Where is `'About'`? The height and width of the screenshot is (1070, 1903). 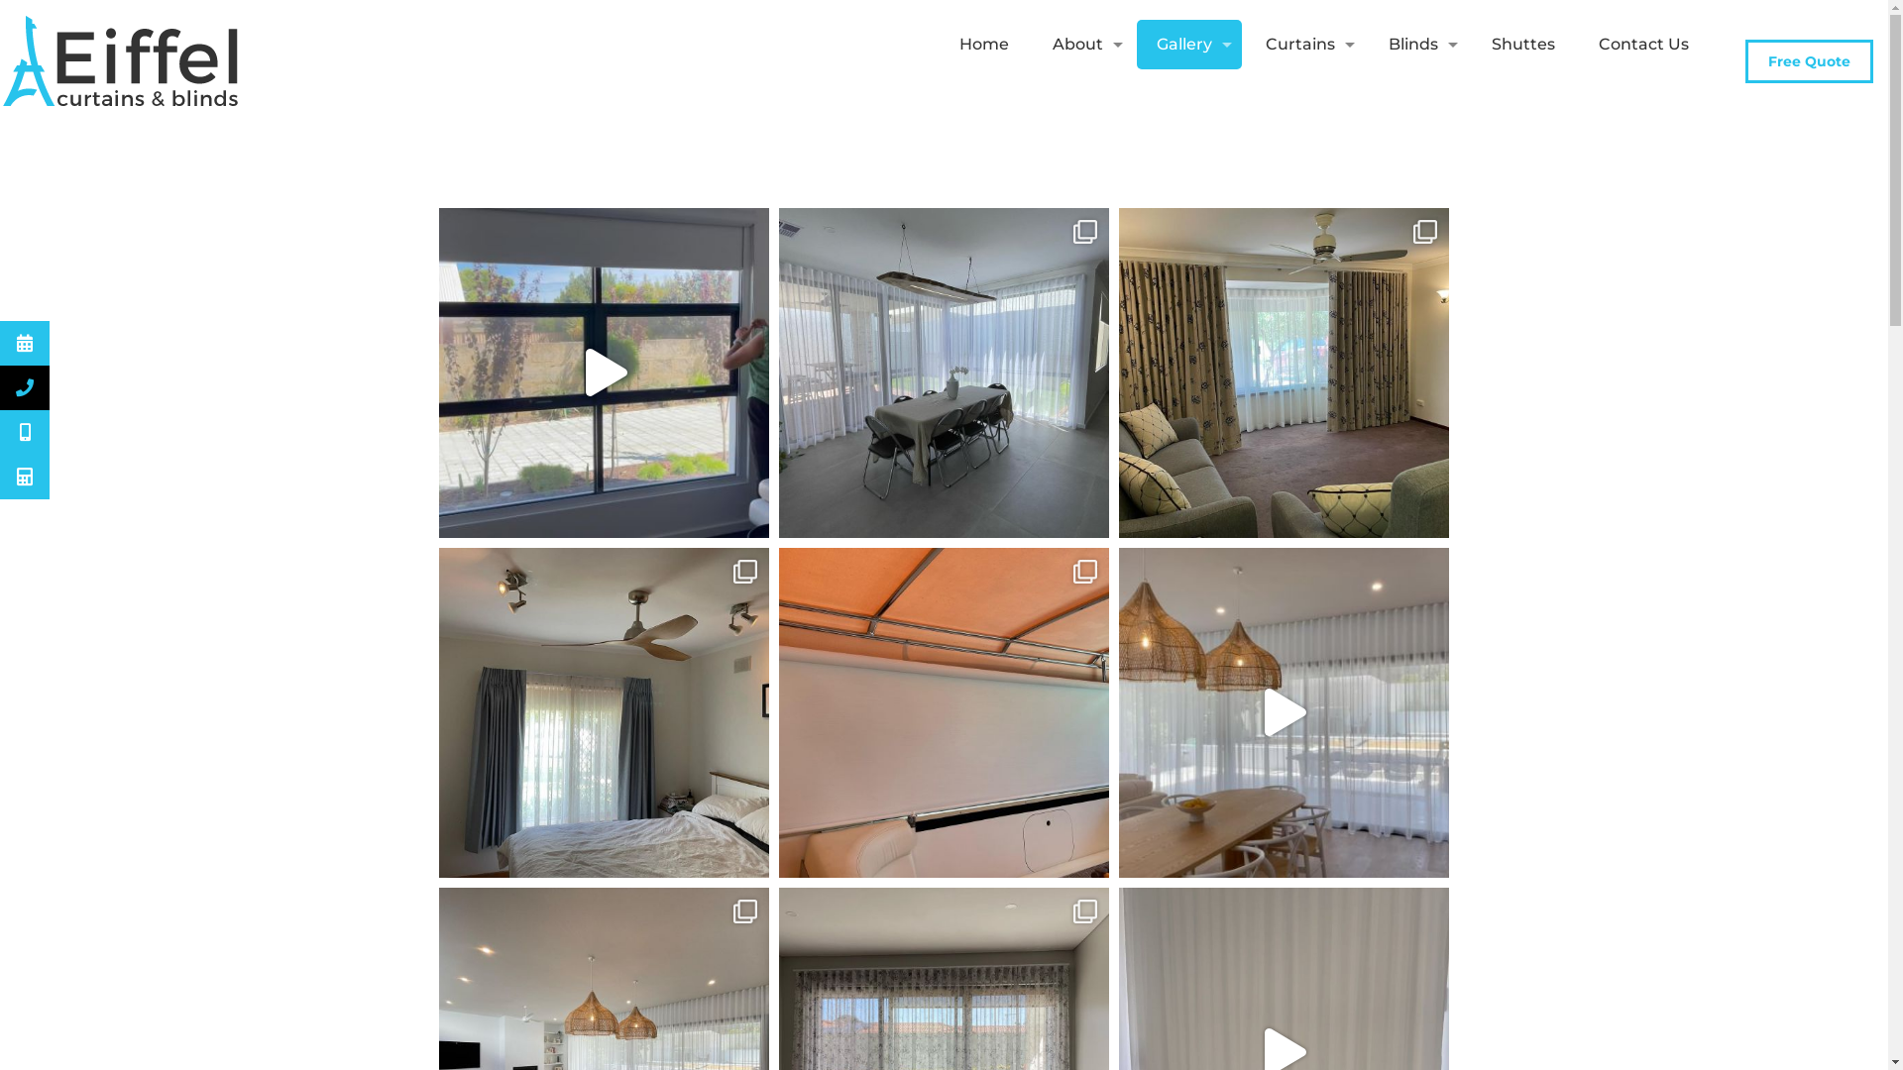
'About' is located at coordinates (1081, 45).